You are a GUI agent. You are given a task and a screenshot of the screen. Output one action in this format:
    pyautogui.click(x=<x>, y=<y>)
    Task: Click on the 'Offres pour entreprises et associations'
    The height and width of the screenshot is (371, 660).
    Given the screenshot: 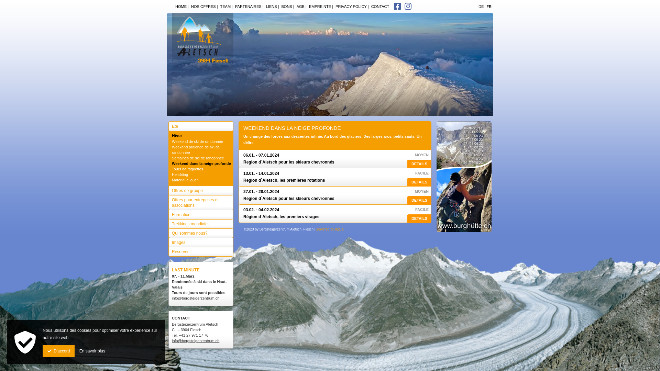 What is the action you would take?
    pyautogui.click(x=200, y=201)
    